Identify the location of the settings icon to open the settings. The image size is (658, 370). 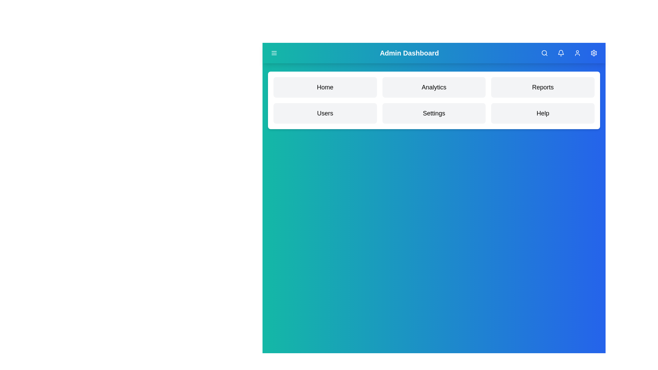
(593, 52).